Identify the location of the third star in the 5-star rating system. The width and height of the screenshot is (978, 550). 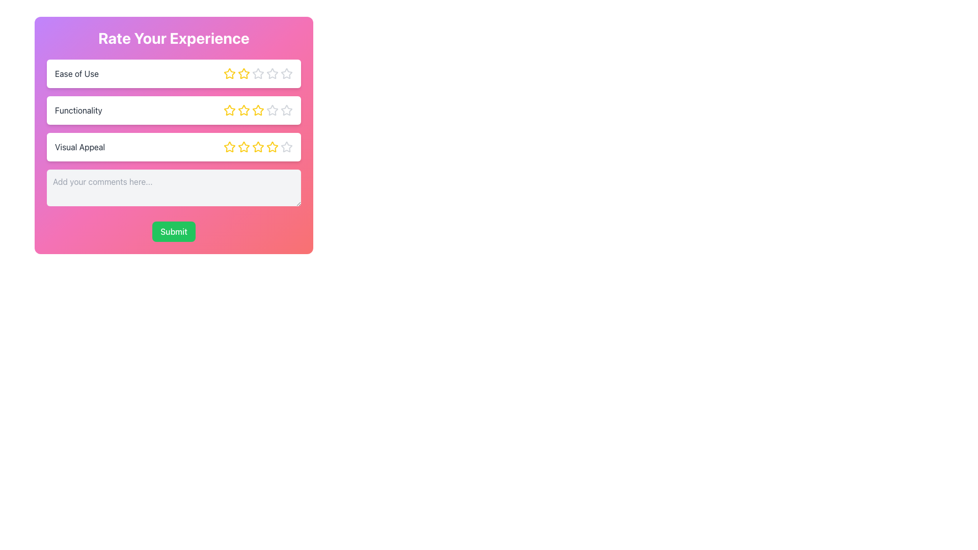
(258, 73).